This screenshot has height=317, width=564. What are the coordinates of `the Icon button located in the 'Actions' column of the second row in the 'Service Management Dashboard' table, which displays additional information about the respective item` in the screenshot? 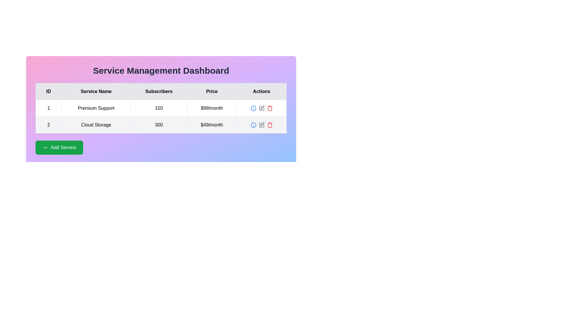 It's located at (253, 108).